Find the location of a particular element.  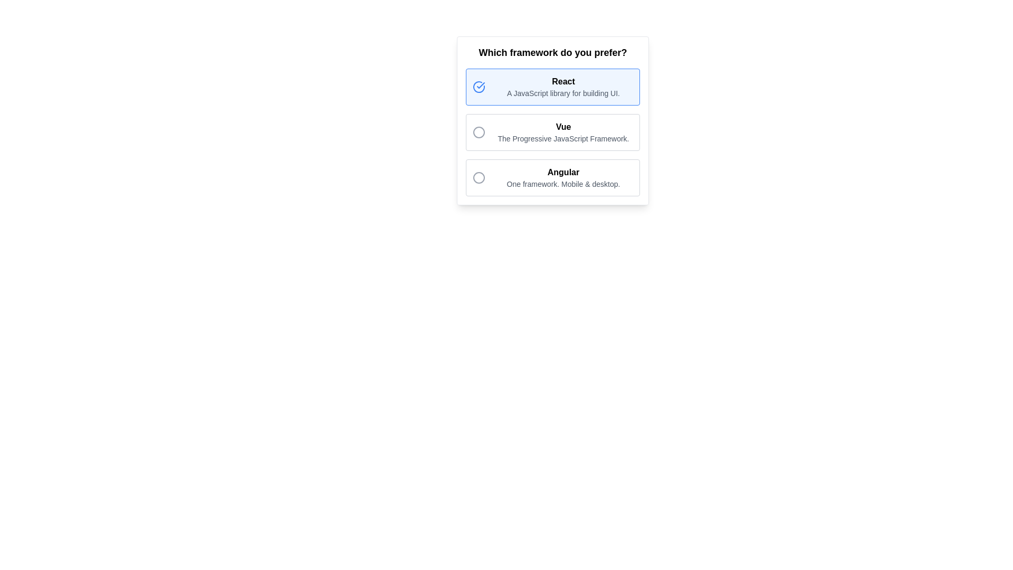

the radio button labeled 'Vue' is located at coordinates (552, 131).